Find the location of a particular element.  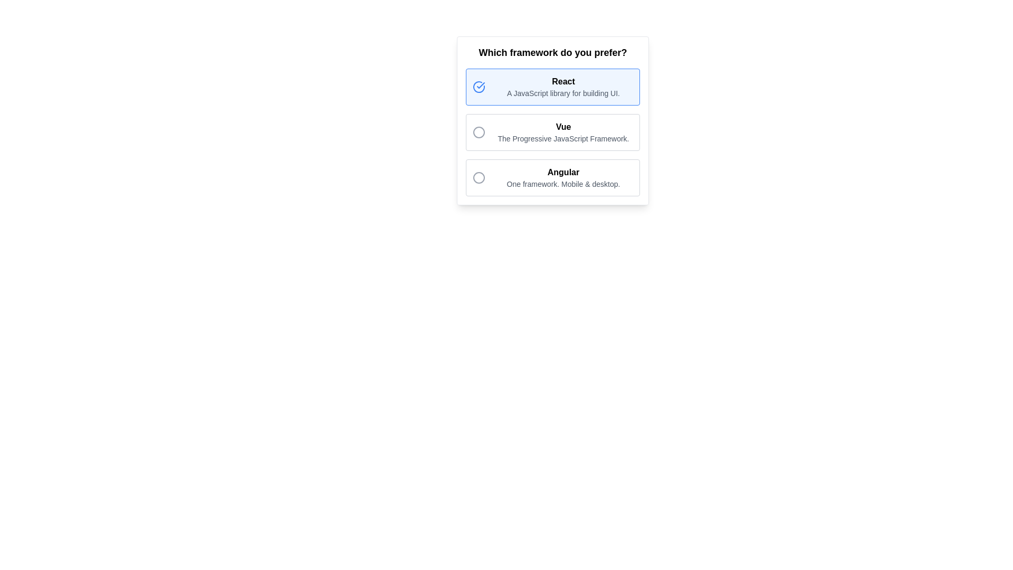

the radio button labeled 'Vue' is located at coordinates (552, 131).